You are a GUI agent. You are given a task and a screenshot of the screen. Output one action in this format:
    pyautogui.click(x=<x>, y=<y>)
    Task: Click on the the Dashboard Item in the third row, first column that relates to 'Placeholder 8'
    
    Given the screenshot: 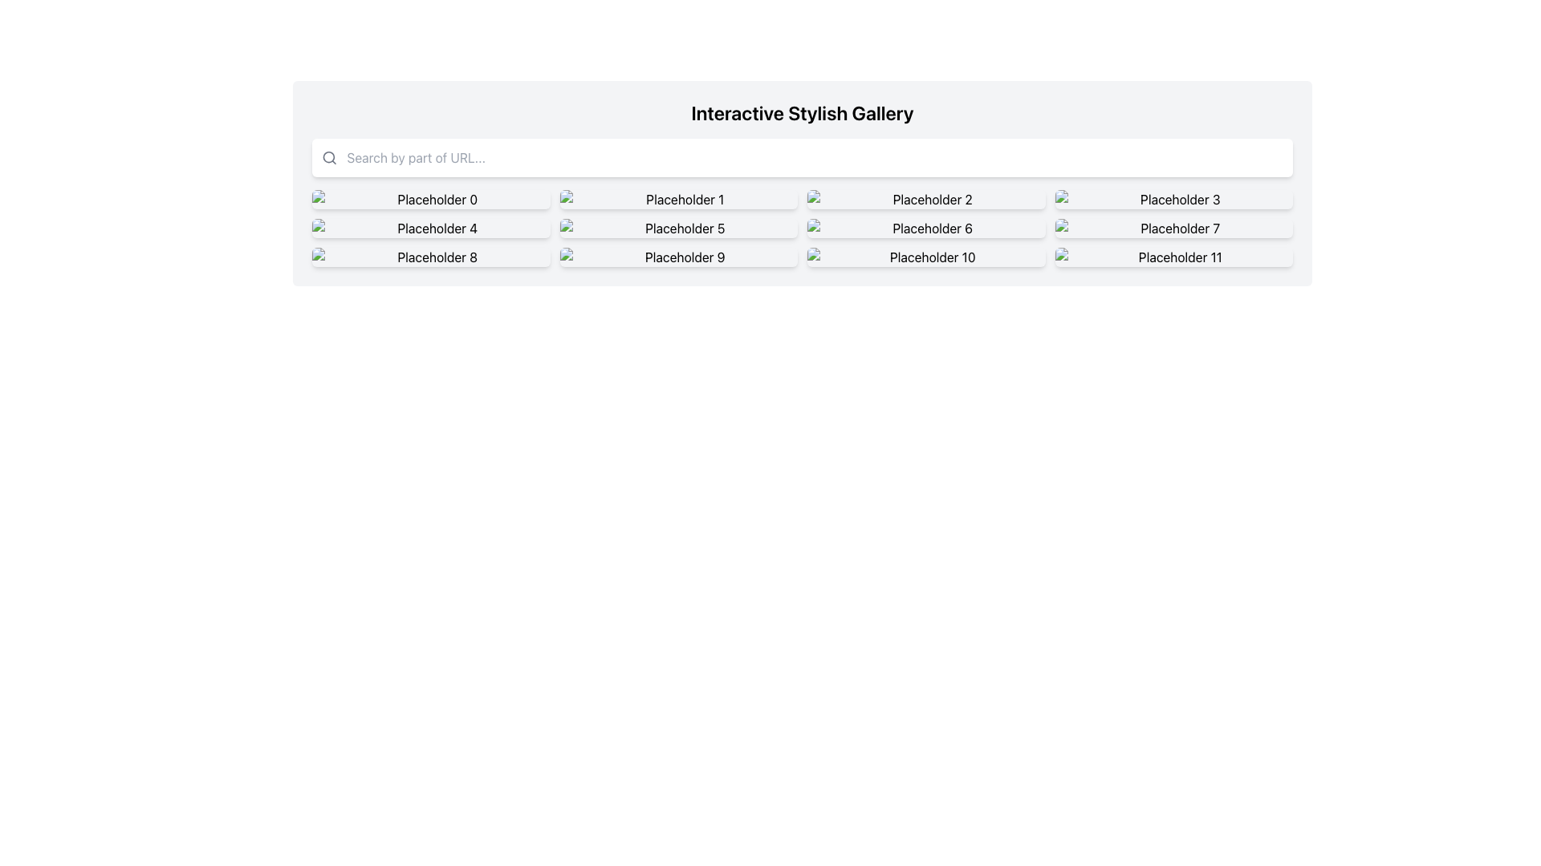 What is the action you would take?
    pyautogui.click(x=431, y=256)
    